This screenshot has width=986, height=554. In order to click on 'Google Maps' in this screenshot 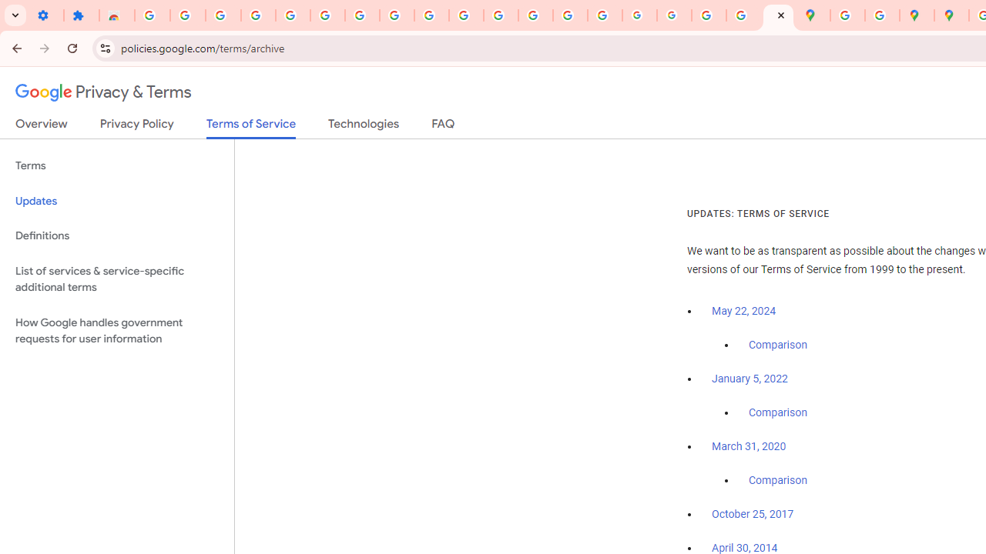, I will do `click(812, 15)`.